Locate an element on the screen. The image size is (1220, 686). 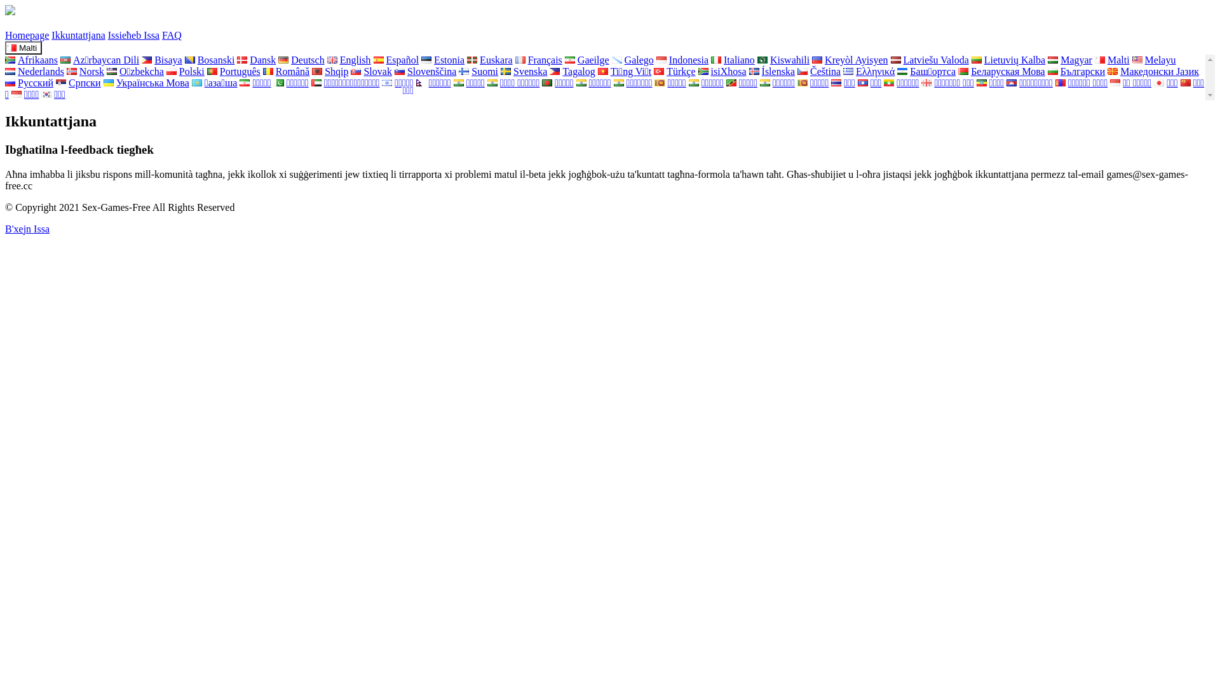
'Homepage' is located at coordinates (27, 34).